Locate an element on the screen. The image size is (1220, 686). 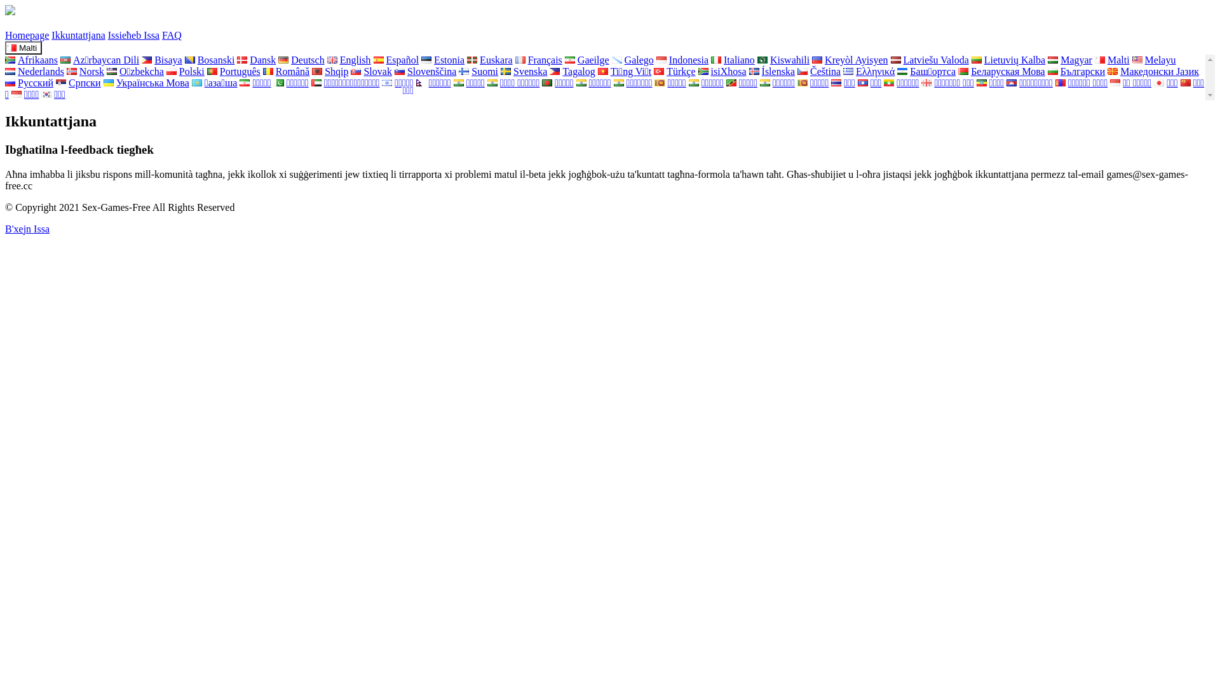
'Homepage' is located at coordinates (27, 34).